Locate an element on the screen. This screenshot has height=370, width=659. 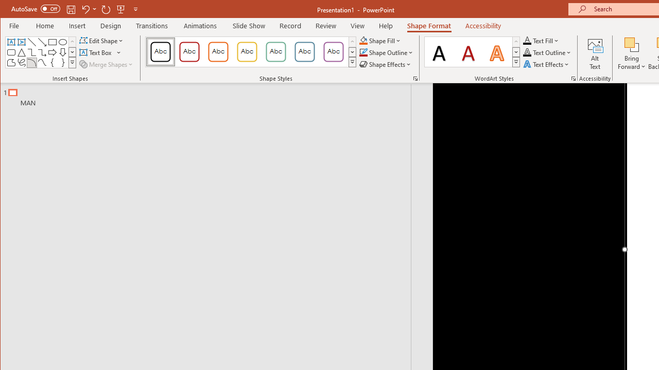
'Text Fill RGB(0, 0, 0)' is located at coordinates (527, 40).